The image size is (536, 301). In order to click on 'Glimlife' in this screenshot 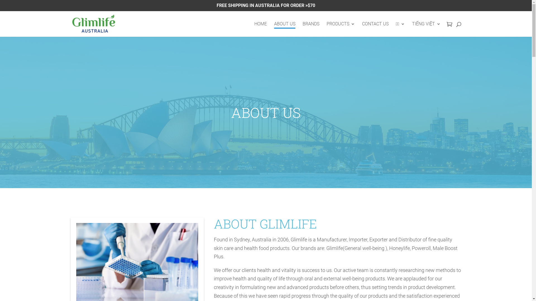, I will do `click(94, 23)`.